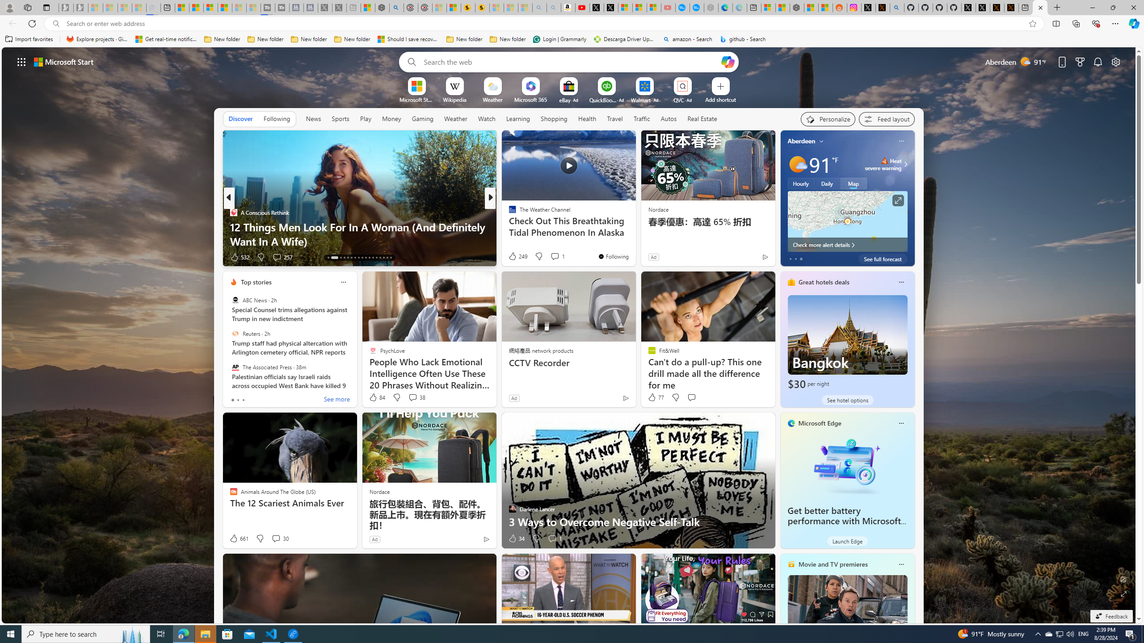 Image resolution: width=1144 pixels, height=643 pixels. What do you see at coordinates (454, 99) in the screenshot?
I see `'Wikipedia'` at bounding box center [454, 99].